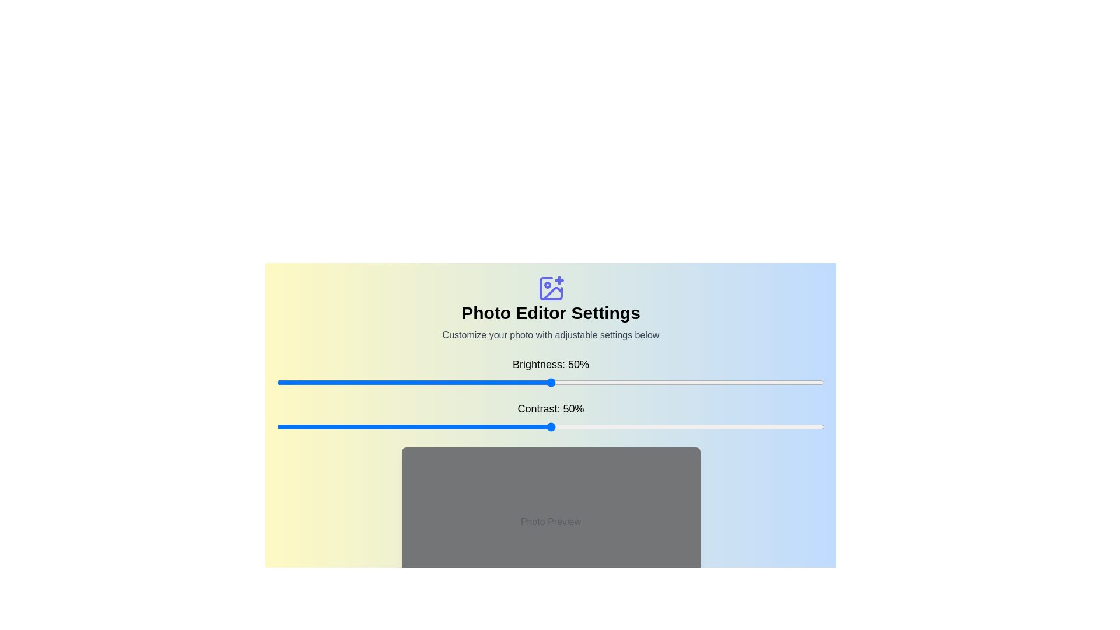 Image resolution: width=1120 pixels, height=630 pixels. Describe the element at coordinates (802, 427) in the screenshot. I see `the contrast slider to 96%` at that location.